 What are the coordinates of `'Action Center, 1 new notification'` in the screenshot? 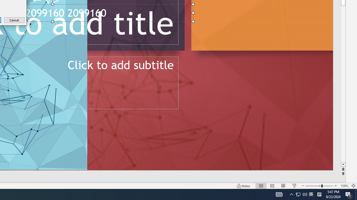 It's located at (344, 186).